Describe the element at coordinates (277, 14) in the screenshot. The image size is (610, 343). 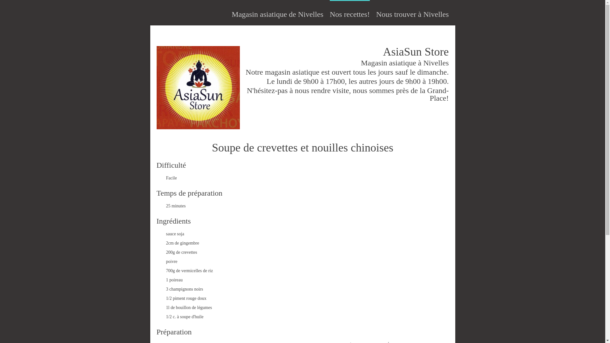
I see `'Magasin asiatique de Nivelles'` at that location.